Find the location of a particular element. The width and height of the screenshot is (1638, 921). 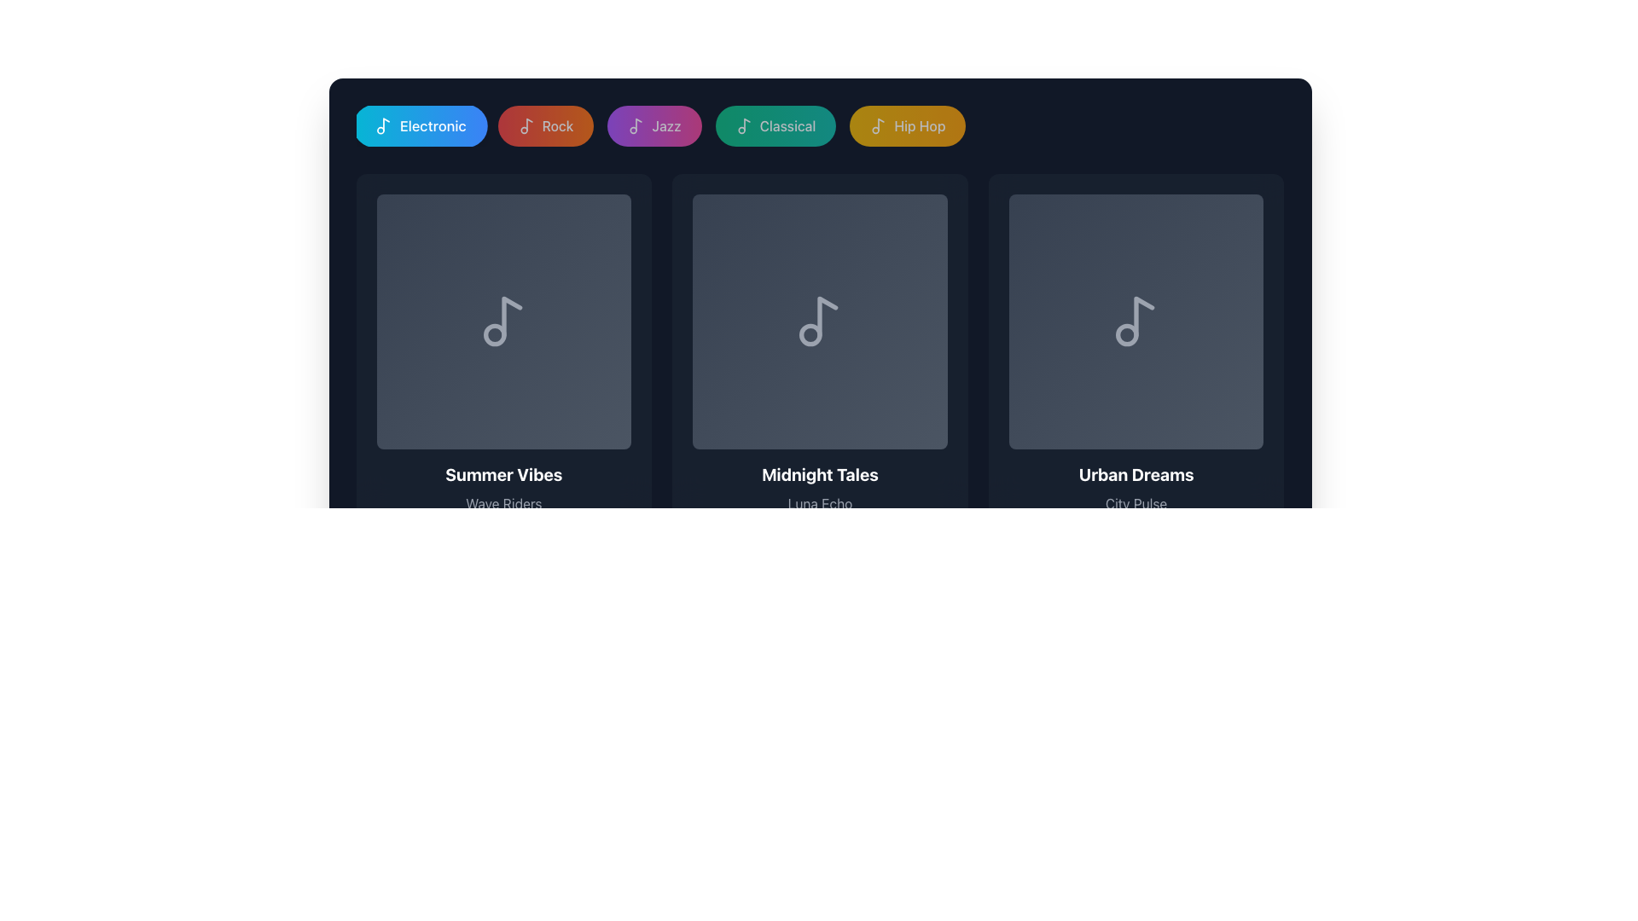

the Static Text Label providing additional descriptive information below the title 'Midnight Tales' in the center card among three horizontally aligned cards is located at coordinates (820, 502).